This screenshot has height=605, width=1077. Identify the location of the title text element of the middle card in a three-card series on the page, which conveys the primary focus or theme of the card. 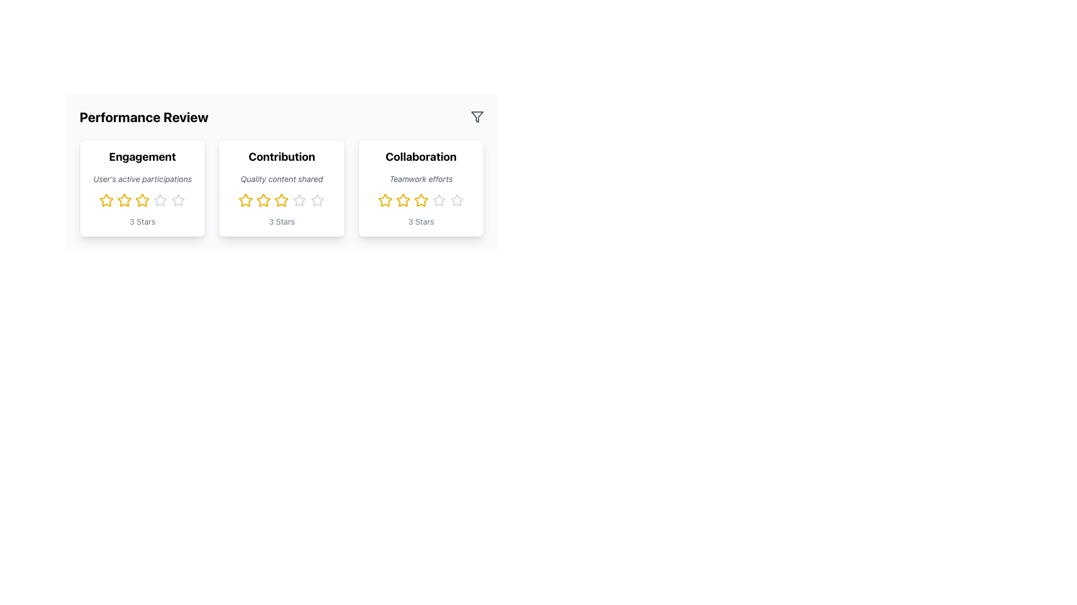
(282, 157).